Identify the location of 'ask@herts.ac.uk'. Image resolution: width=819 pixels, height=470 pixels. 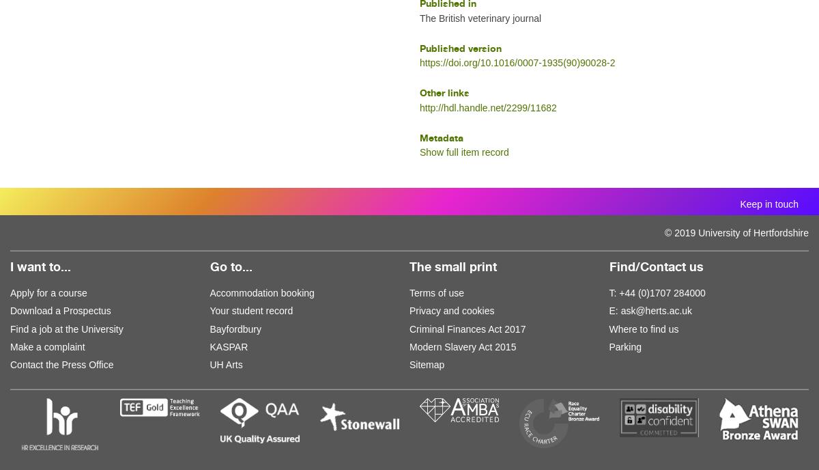
(656, 309).